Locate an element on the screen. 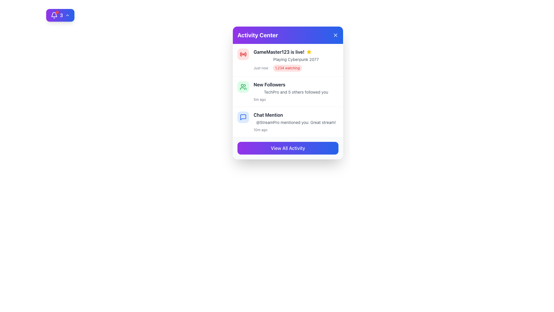 The height and width of the screenshot is (312, 554). the text label displaying '5m ago' is located at coordinates (259, 99).